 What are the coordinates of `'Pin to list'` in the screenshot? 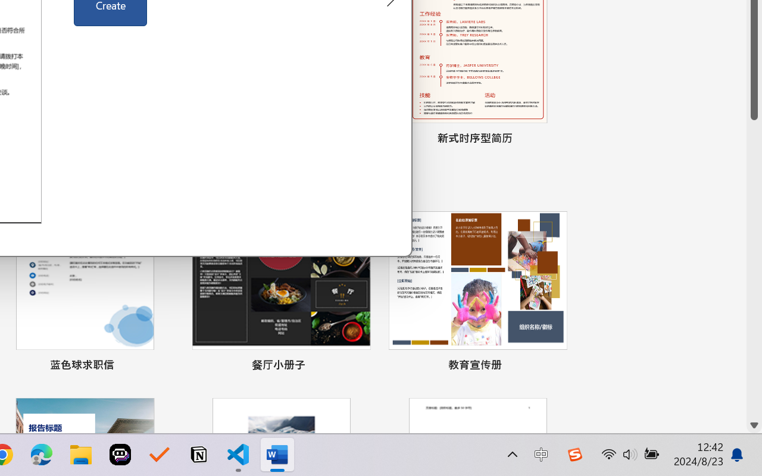 It's located at (555, 367).